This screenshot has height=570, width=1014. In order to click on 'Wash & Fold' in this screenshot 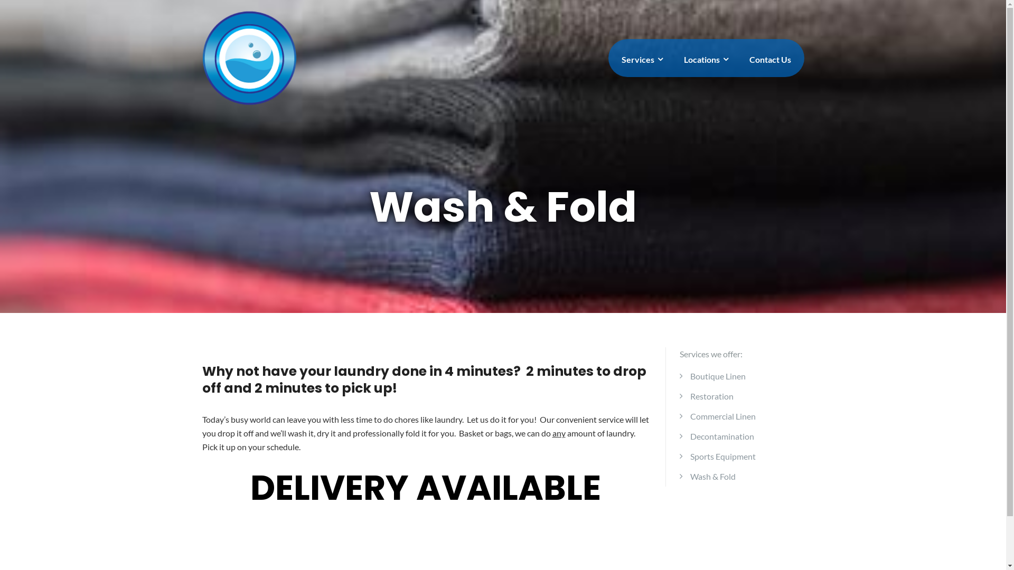, I will do `click(712, 476)`.